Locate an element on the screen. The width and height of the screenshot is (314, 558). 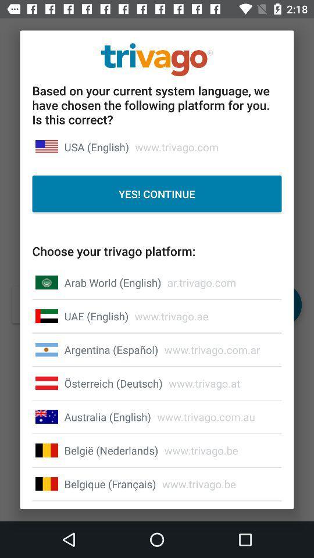
icon below based on your item is located at coordinates (96, 146).